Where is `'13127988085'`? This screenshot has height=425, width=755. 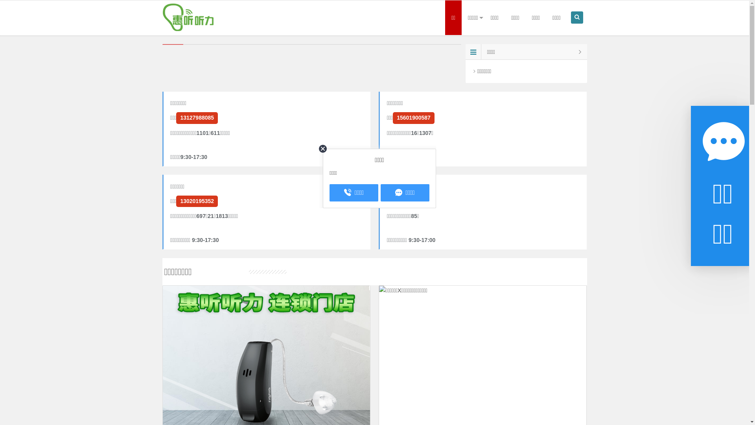 '13127988085' is located at coordinates (175, 118).